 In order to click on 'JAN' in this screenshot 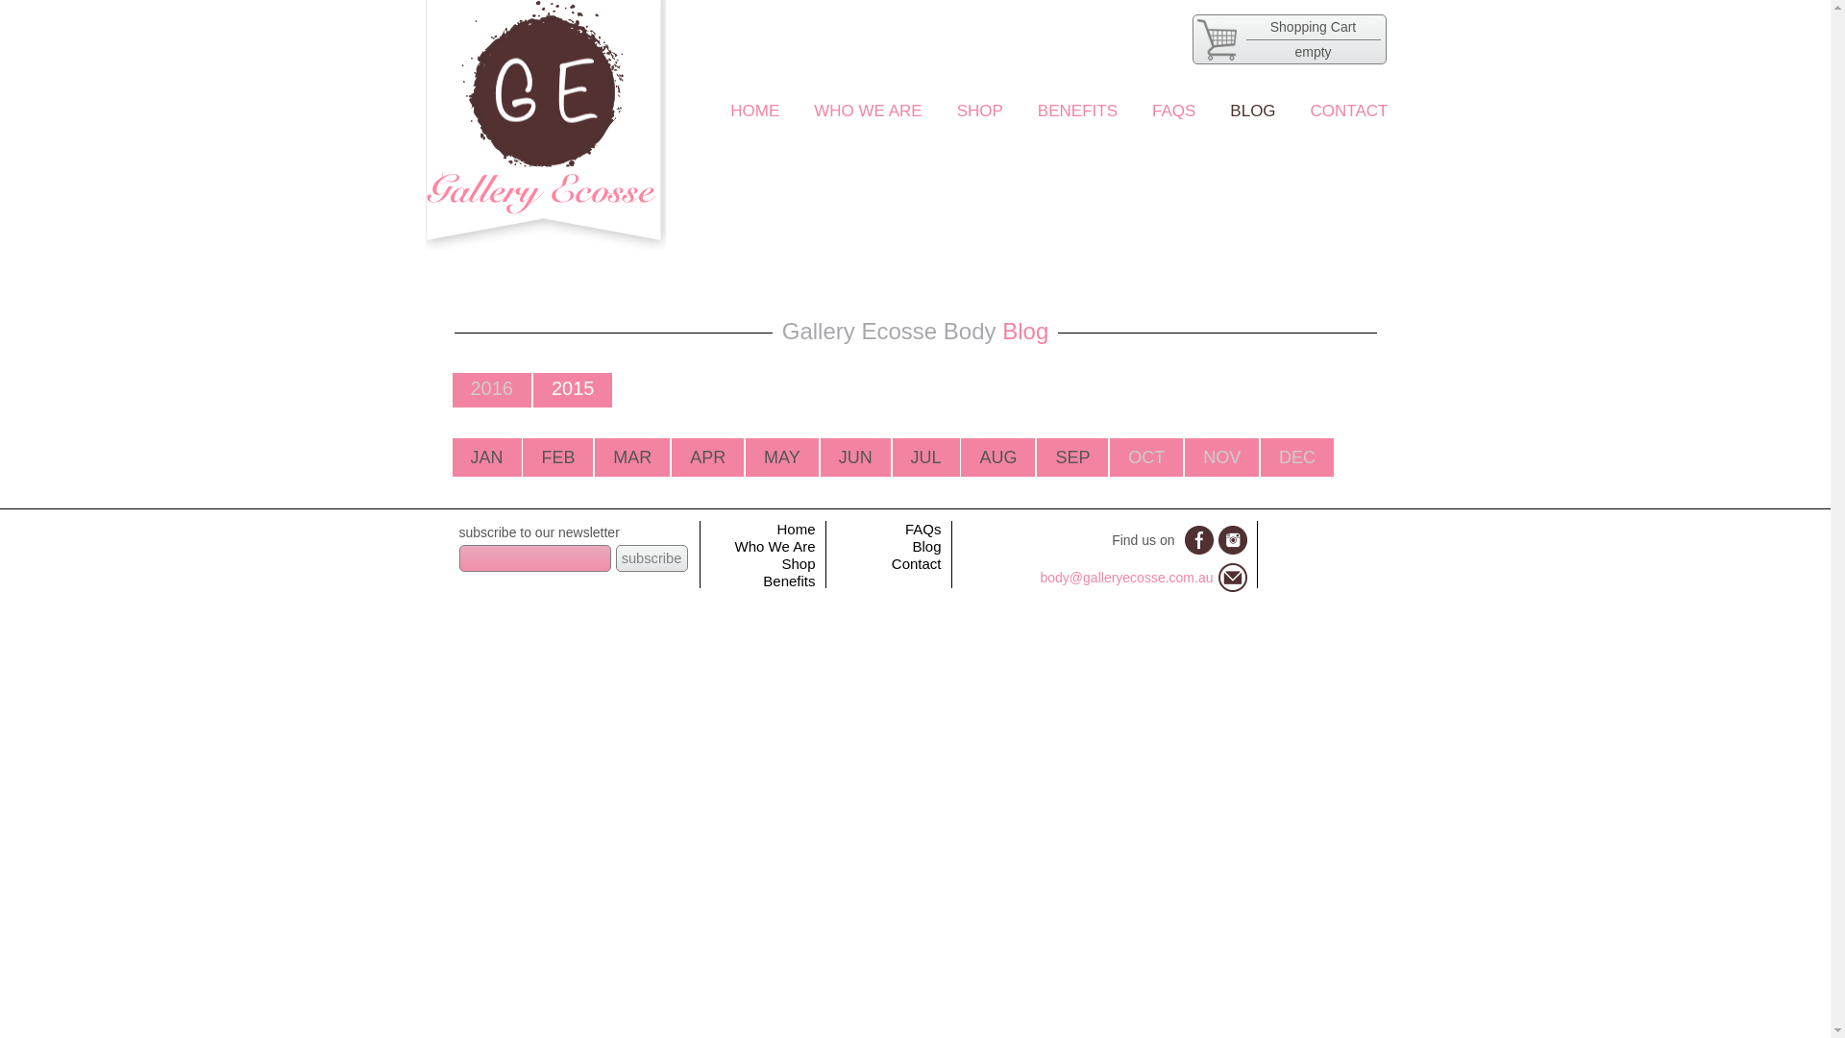, I will do `click(487, 457)`.